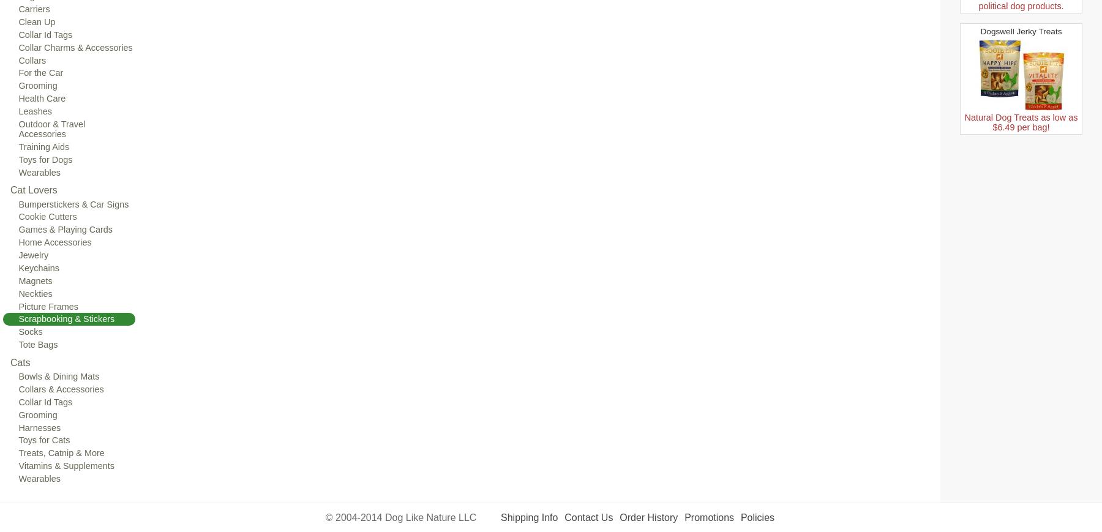  I want to click on 'Bowls & Dining Mats', so click(18, 376).